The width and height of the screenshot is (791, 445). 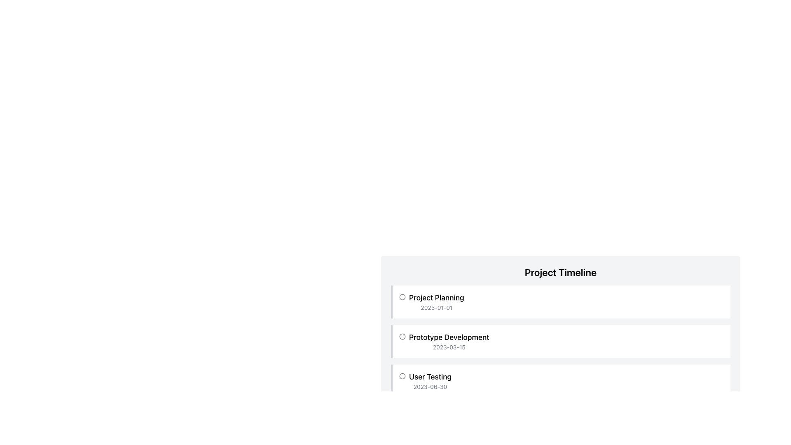 What do you see at coordinates (430, 381) in the screenshot?
I see `text content of the 'User Testing' text block, which is part of the project timeline UI component and contains the texts 'User Testing' and '2023-06-30'` at bounding box center [430, 381].